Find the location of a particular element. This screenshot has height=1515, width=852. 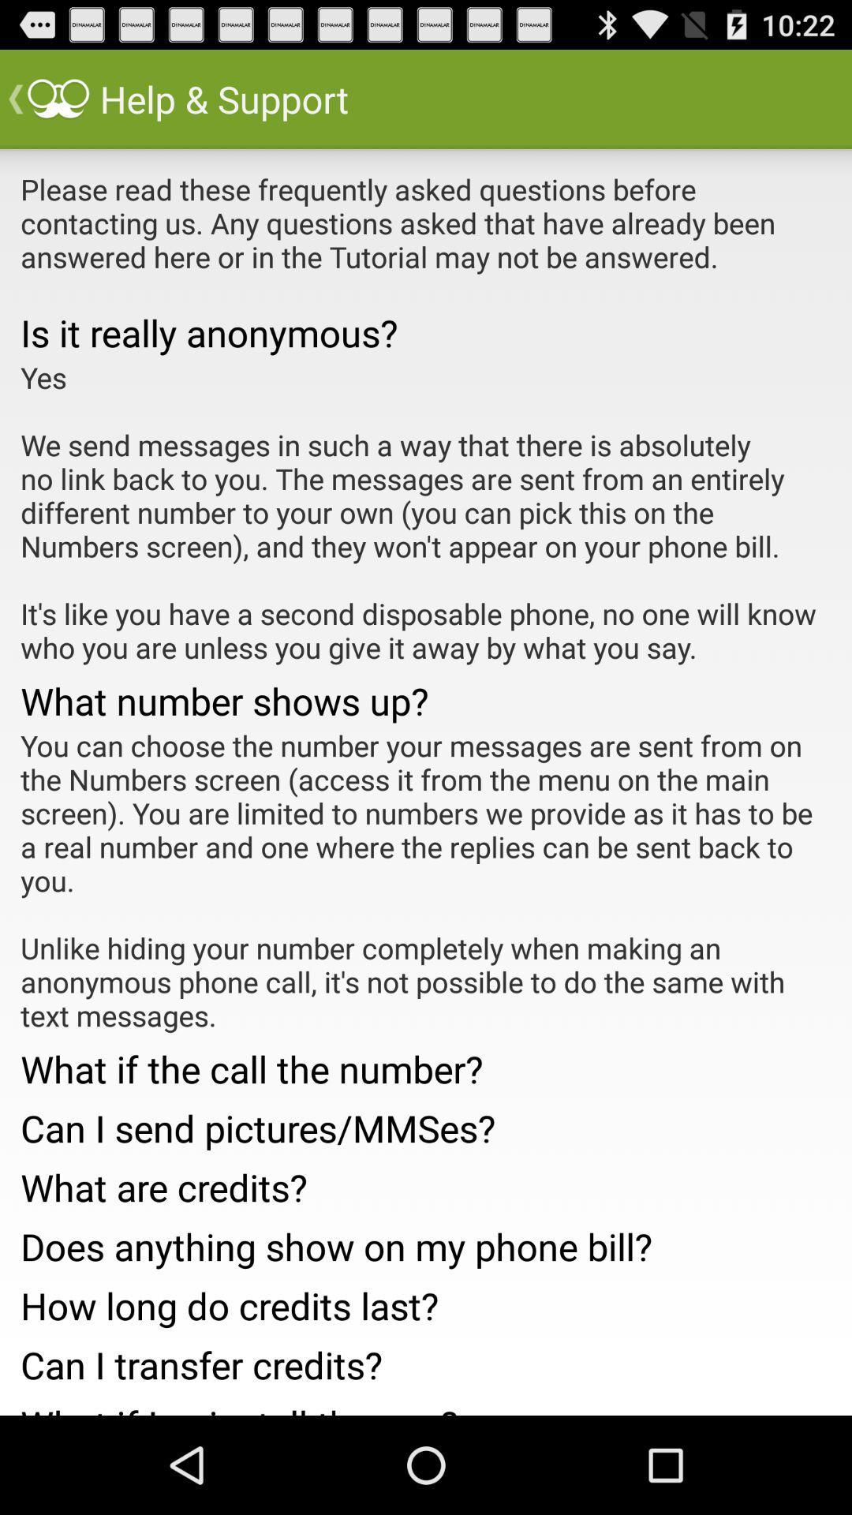

the yes we send item is located at coordinates (426, 512).